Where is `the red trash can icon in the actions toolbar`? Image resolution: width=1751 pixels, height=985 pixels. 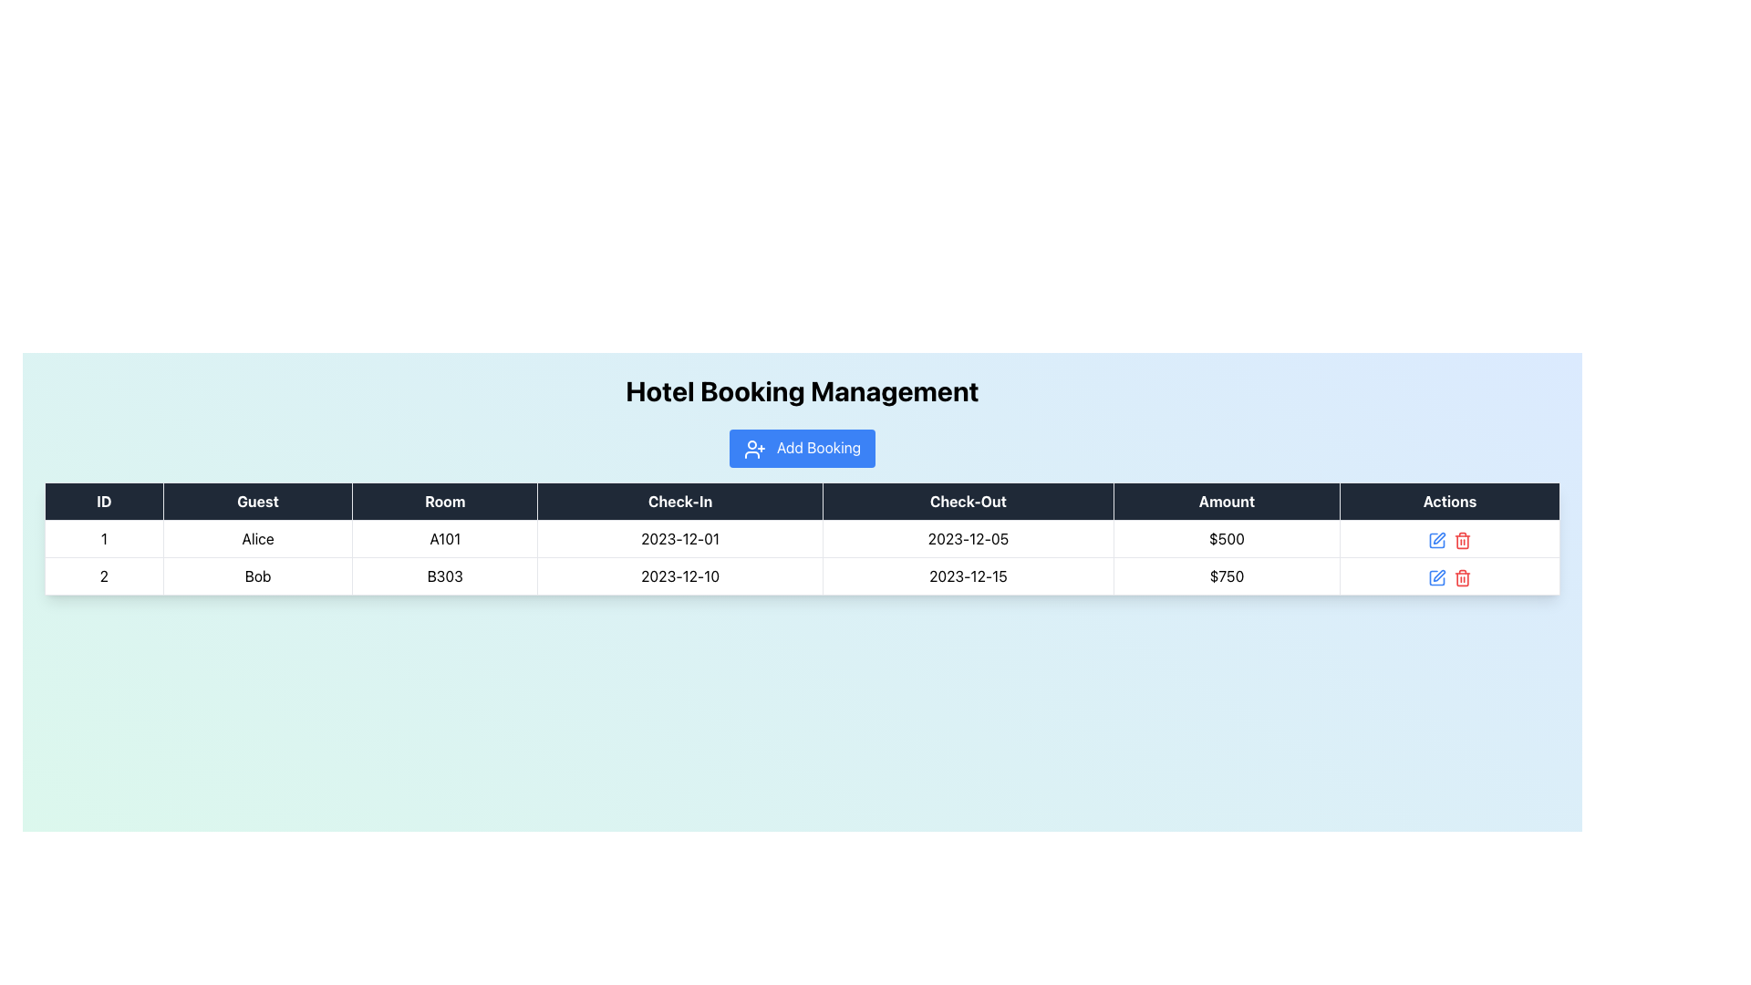
the red trash can icon in the actions toolbar is located at coordinates (1448, 537).